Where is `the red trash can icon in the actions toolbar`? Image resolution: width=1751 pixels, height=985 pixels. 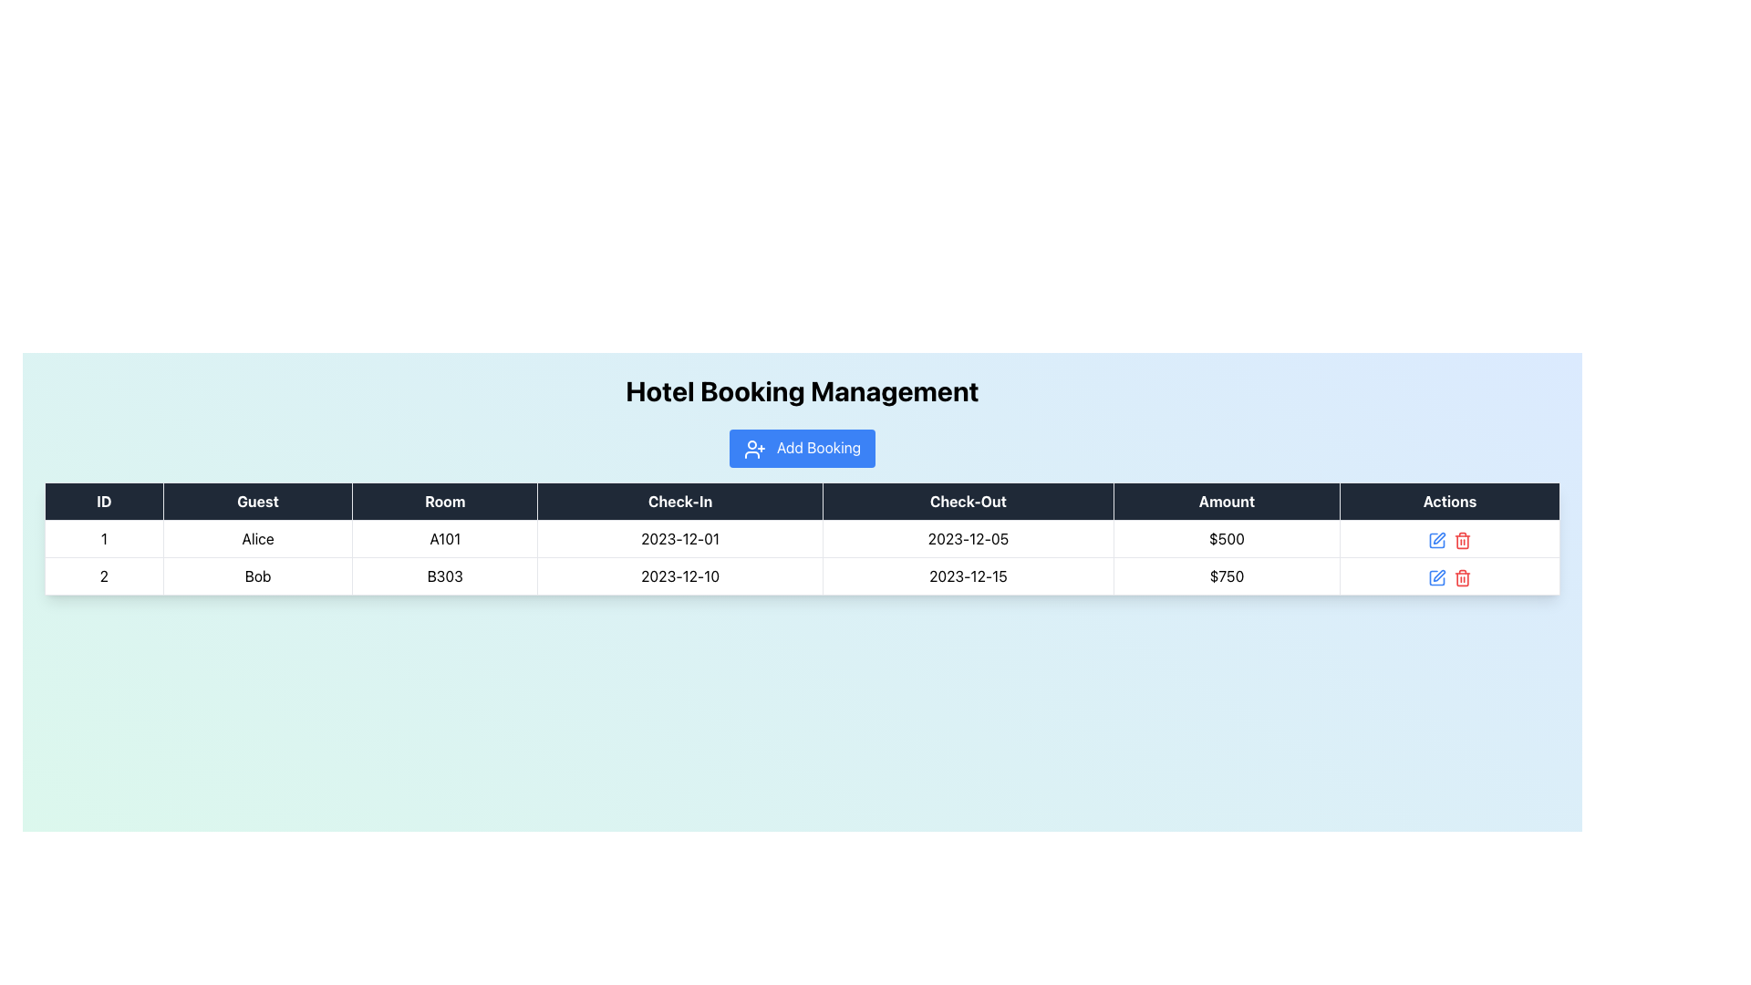
the red trash can icon in the actions toolbar is located at coordinates (1448, 537).